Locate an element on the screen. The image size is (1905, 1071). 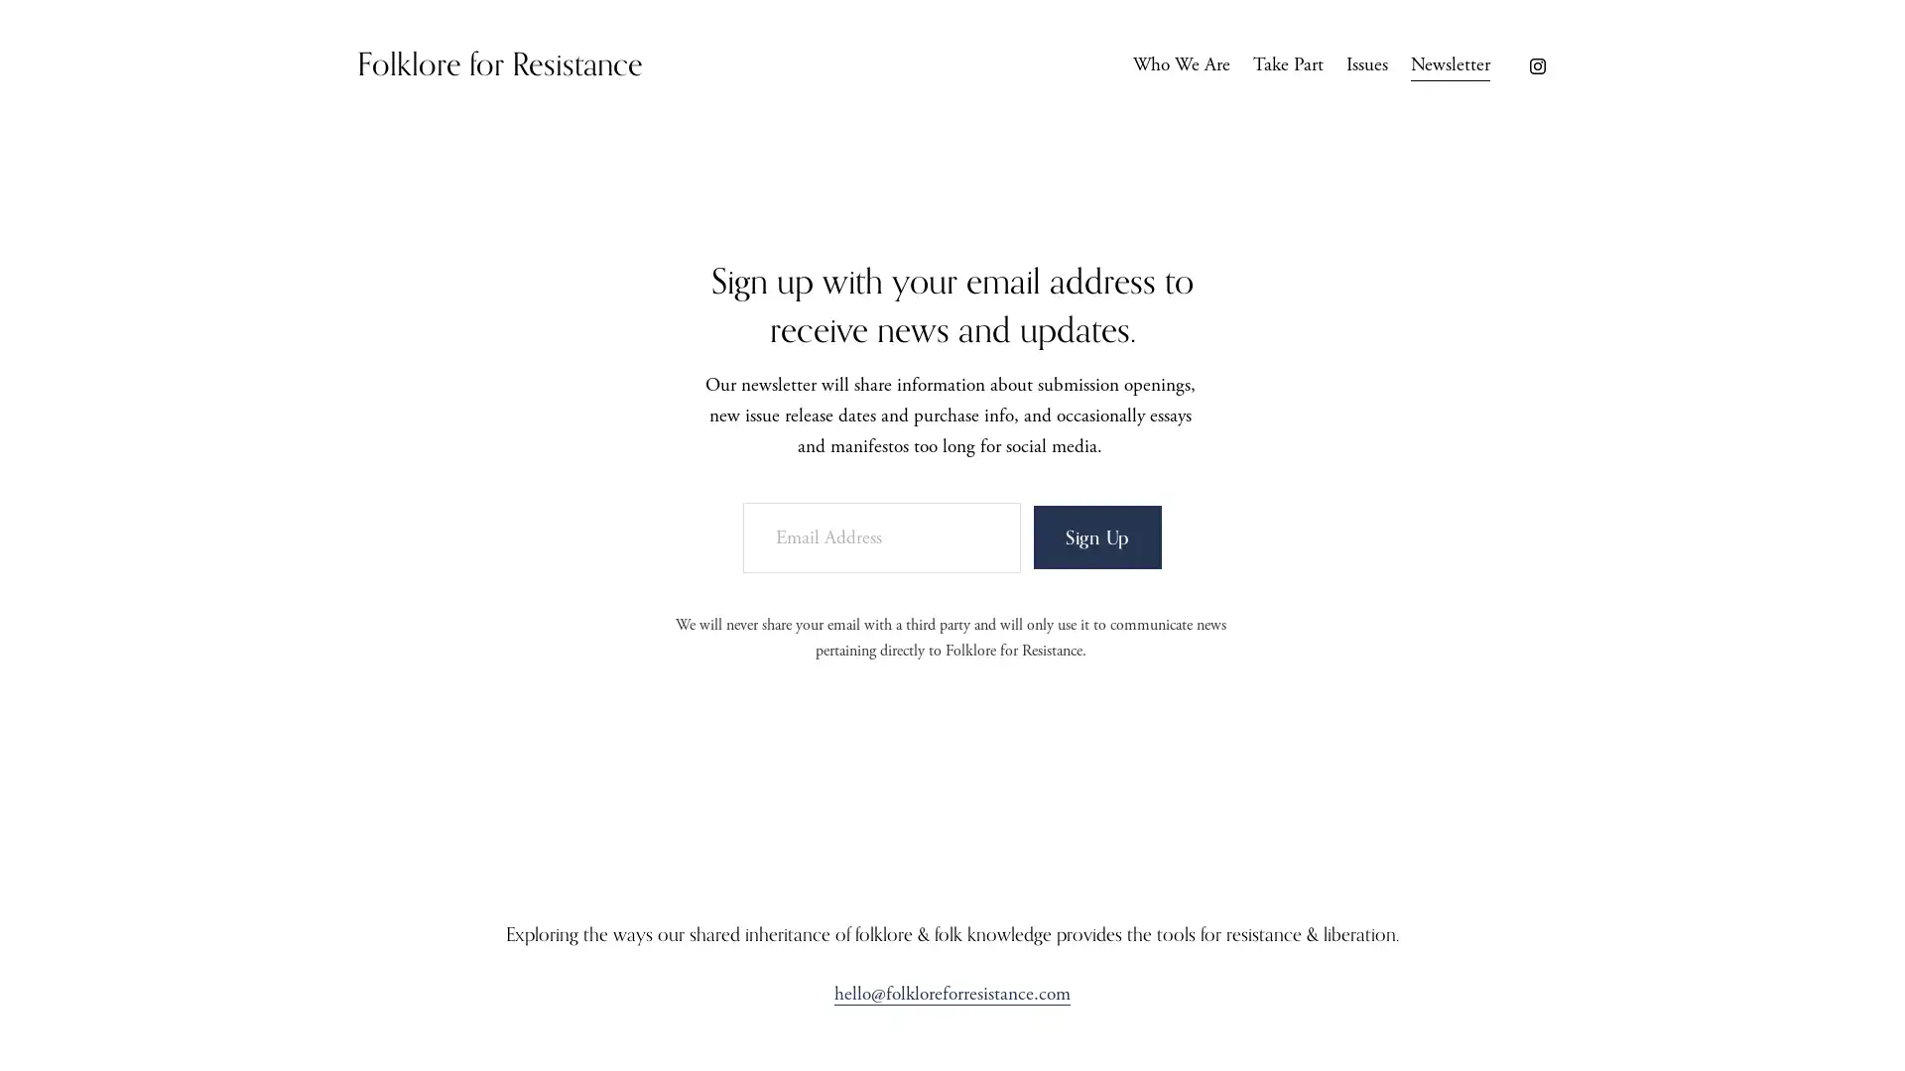
Sign Up is located at coordinates (1095, 537).